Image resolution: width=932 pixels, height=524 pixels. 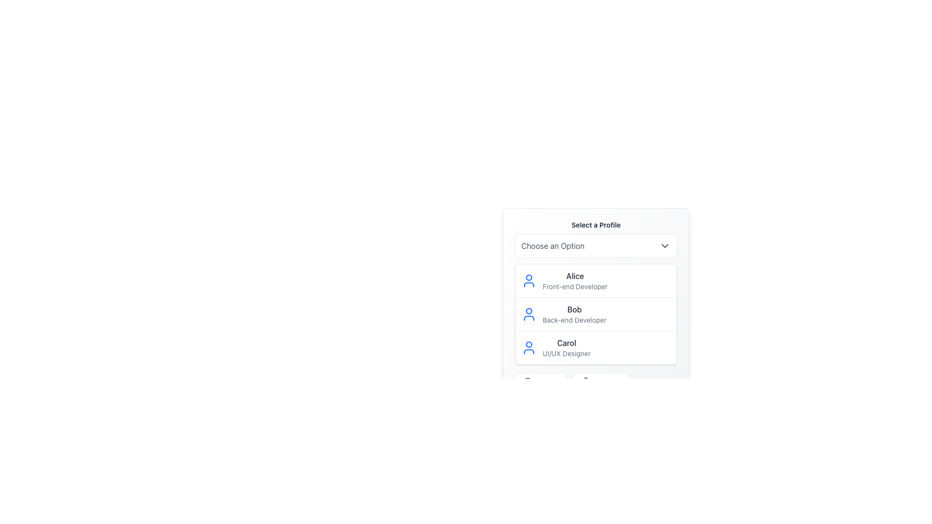 What do you see at coordinates (596, 314) in the screenshot?
I see `the second entry in the 'Select a Profile' dropdown menu, which is 'Bob - Back-end Developer'` at bounding box center [596, 314].